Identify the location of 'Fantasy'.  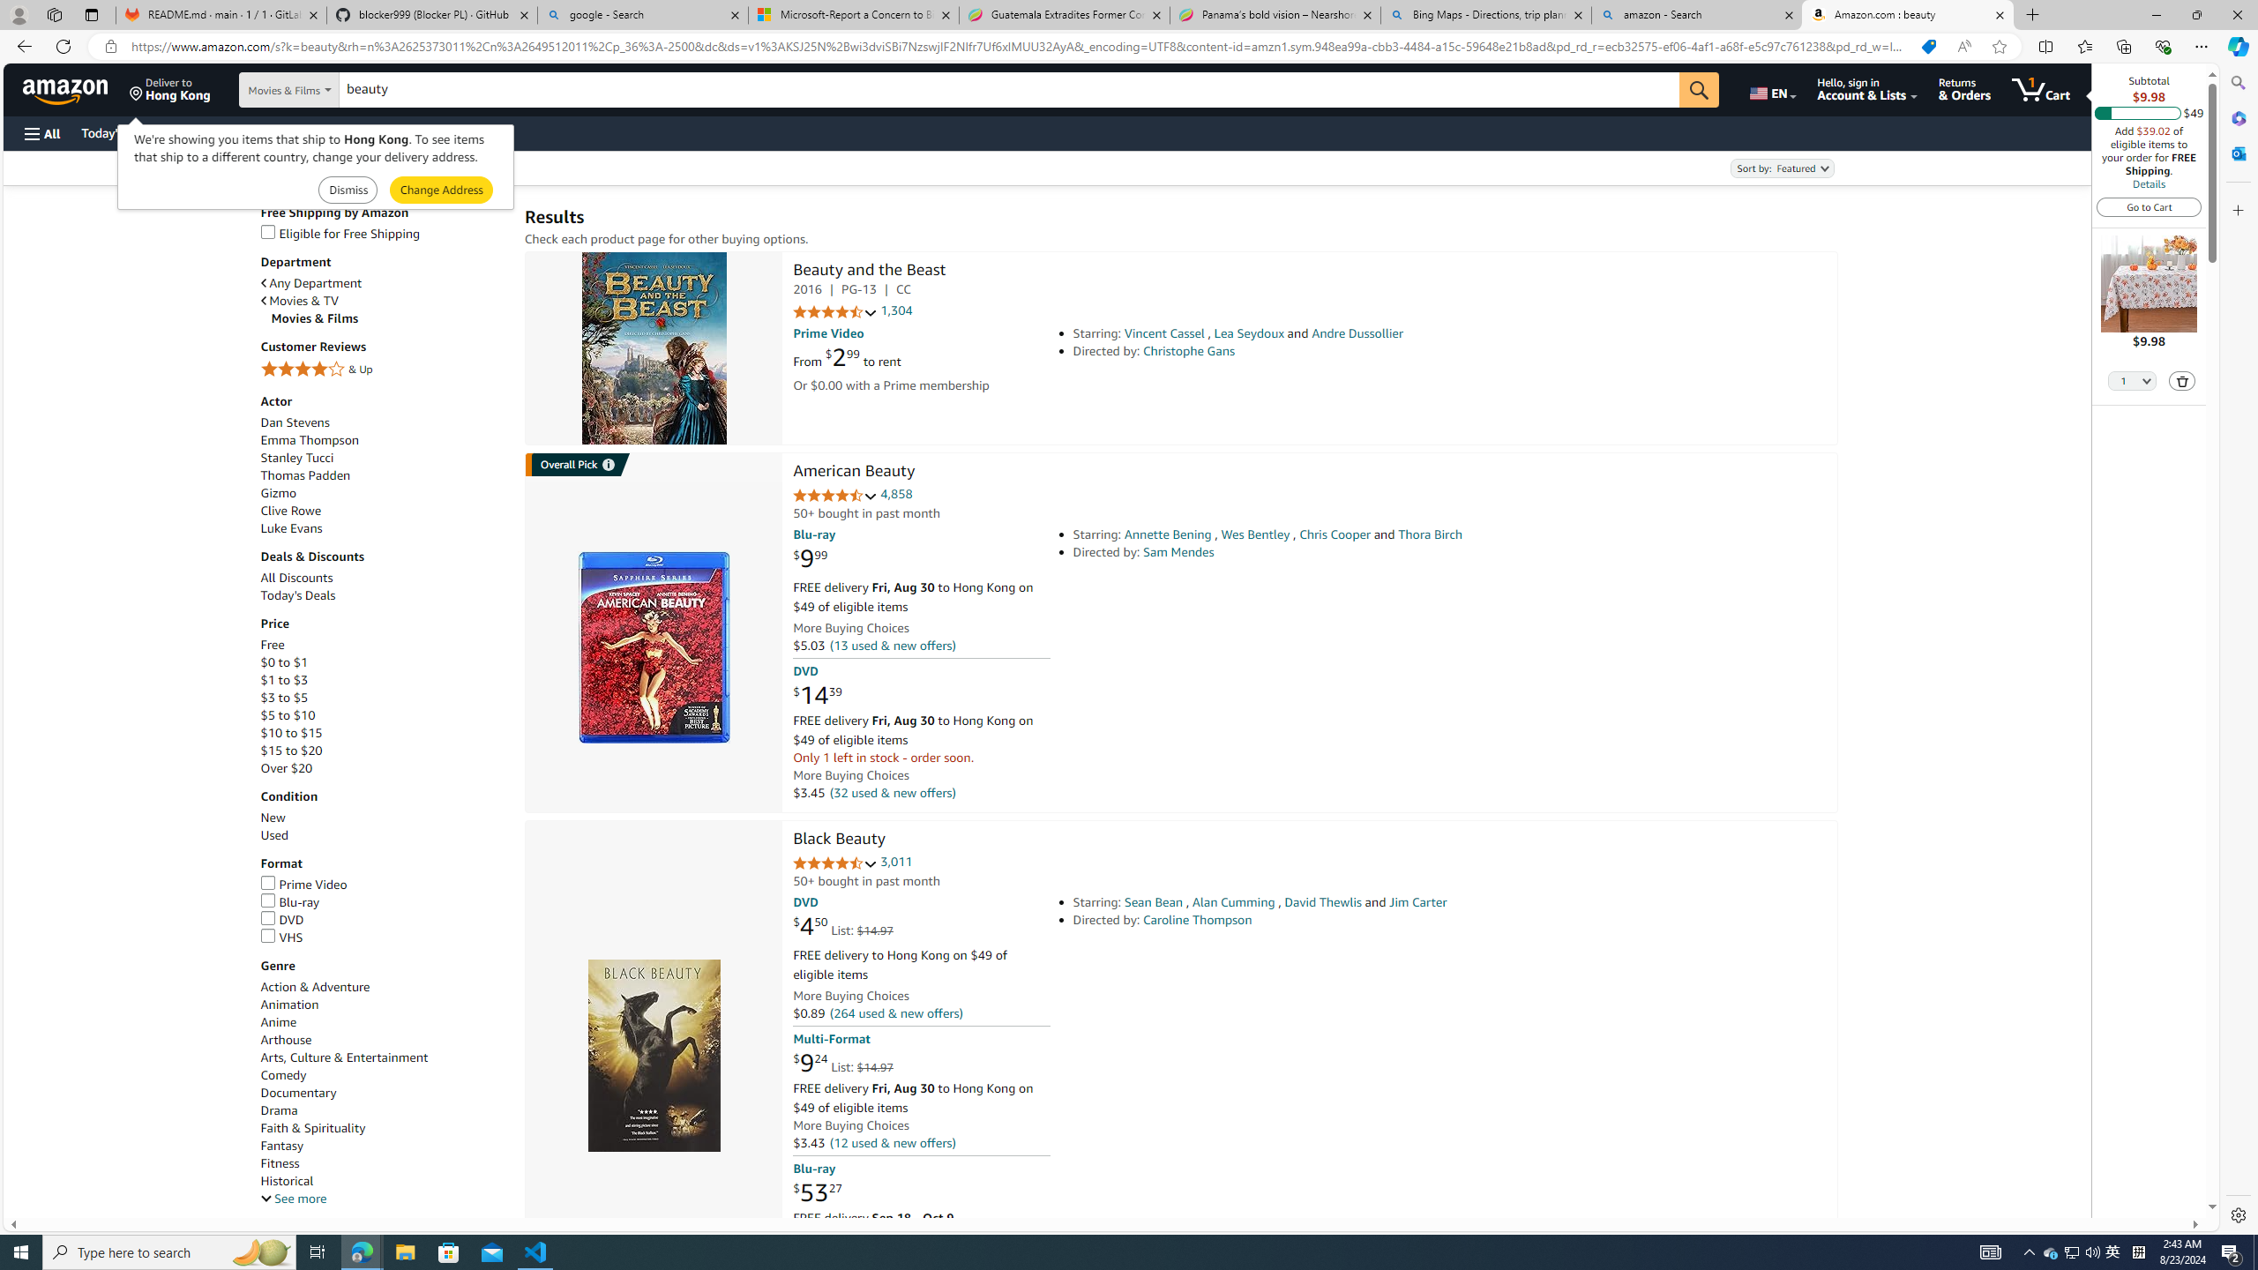
(384, 1145).